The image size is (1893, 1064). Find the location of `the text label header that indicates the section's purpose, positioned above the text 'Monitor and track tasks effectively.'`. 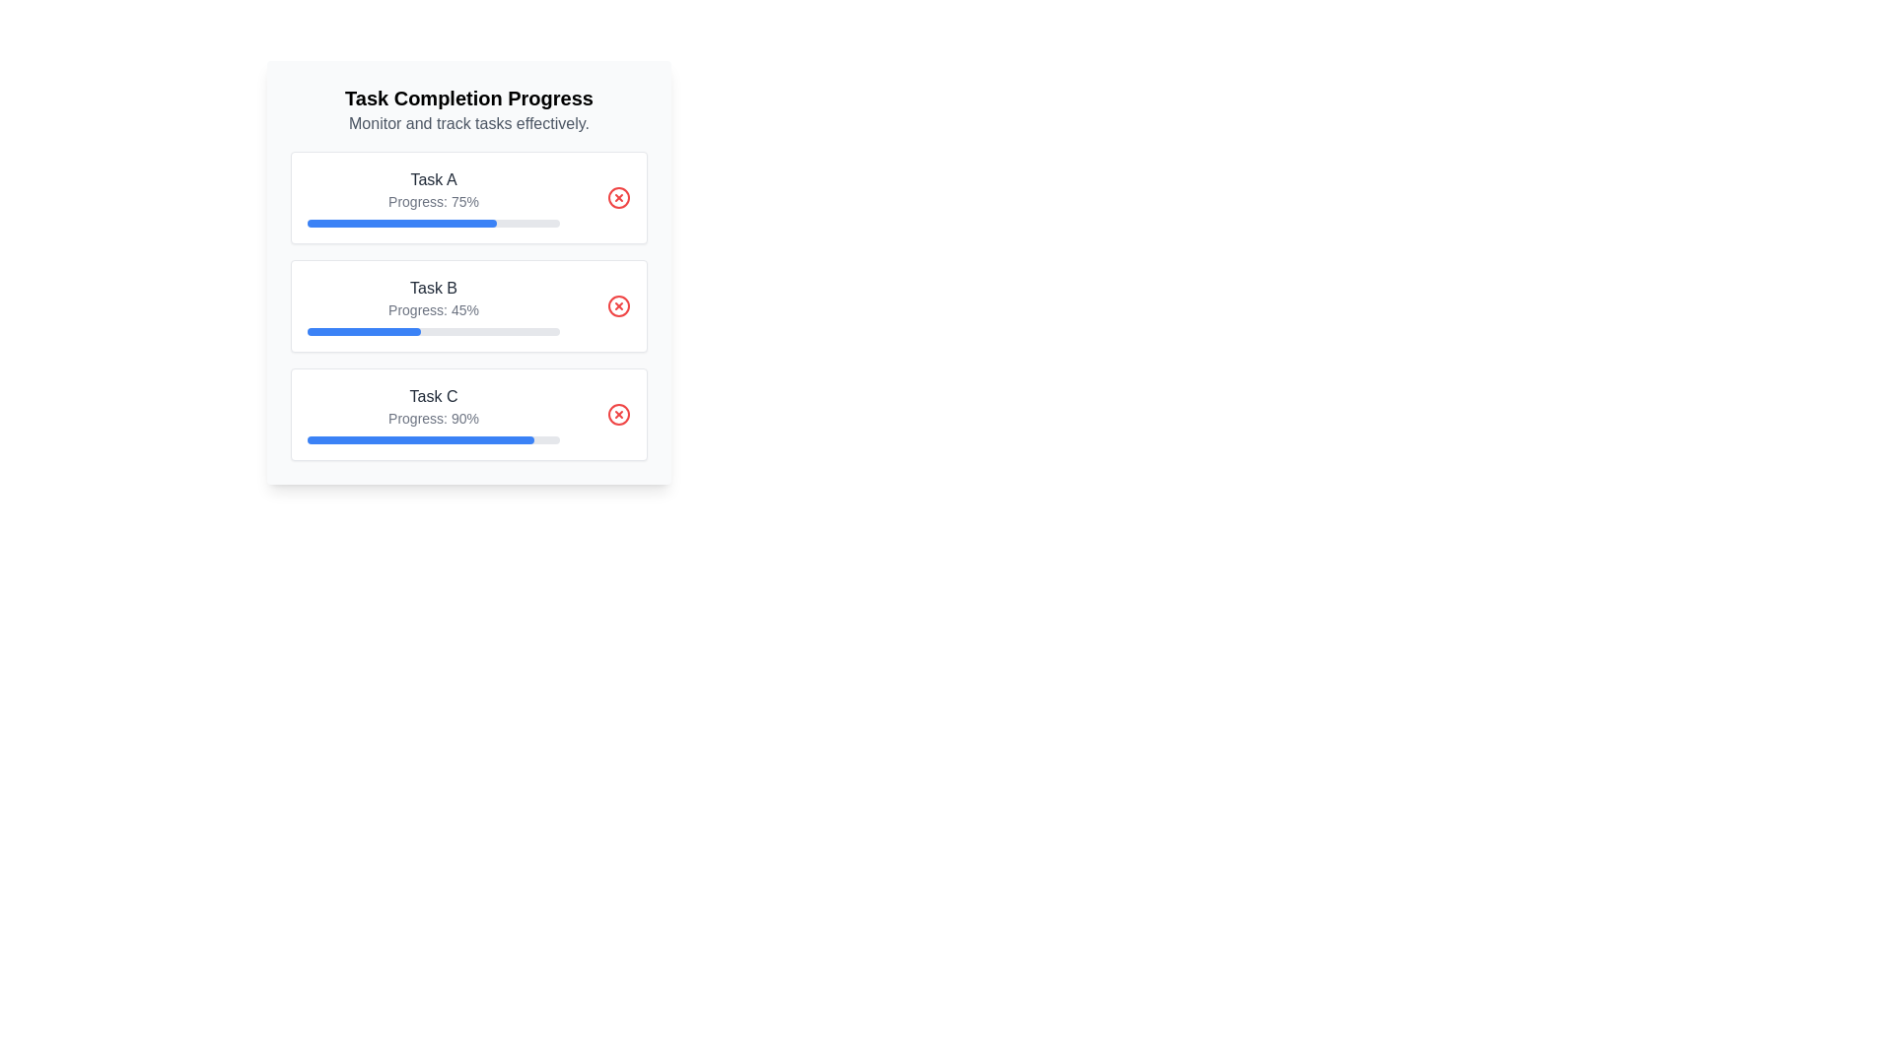

the text label header that indicates the section's purpose, positioned above the text 'Monitor and track tasks effectively.' is located at coordinates (467, 99).